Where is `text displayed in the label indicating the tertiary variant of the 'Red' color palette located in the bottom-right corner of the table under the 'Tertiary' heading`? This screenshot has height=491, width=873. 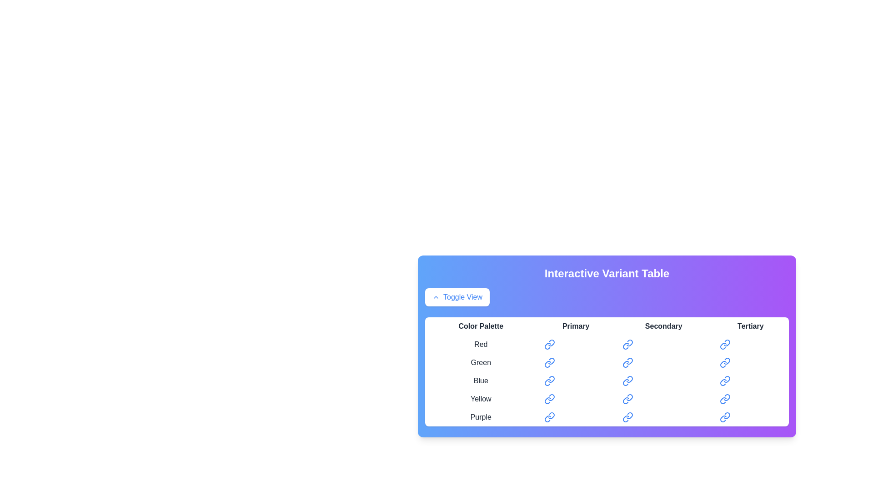
text displayed in the label indicating the tertiary variant of the 'Red' color palette located in the bottom-right corner of the table under the 'Tertiary' heading is located at coordinates (750, 345).